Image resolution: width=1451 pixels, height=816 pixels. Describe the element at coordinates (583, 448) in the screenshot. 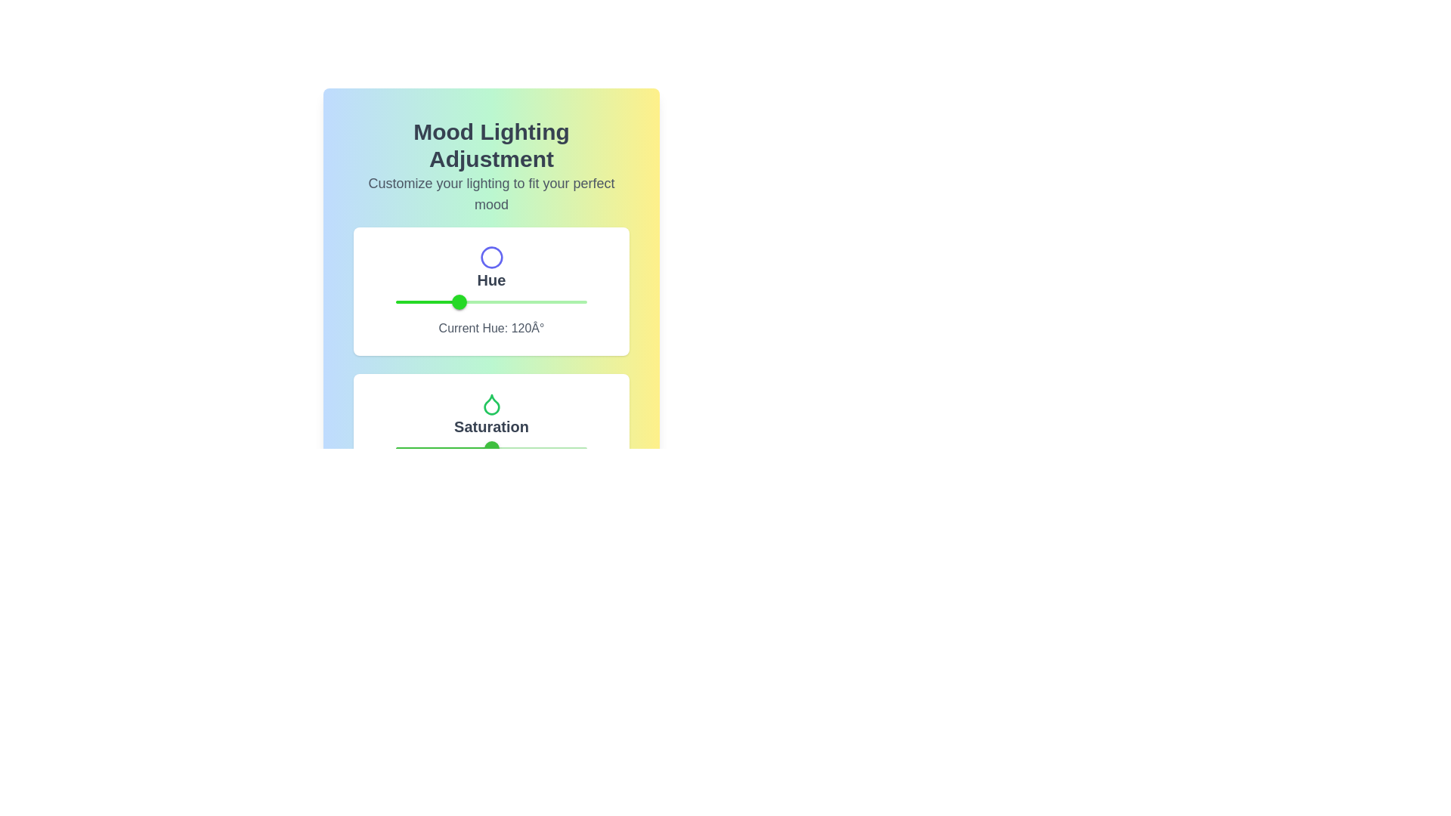

I see `the slider` at that location.